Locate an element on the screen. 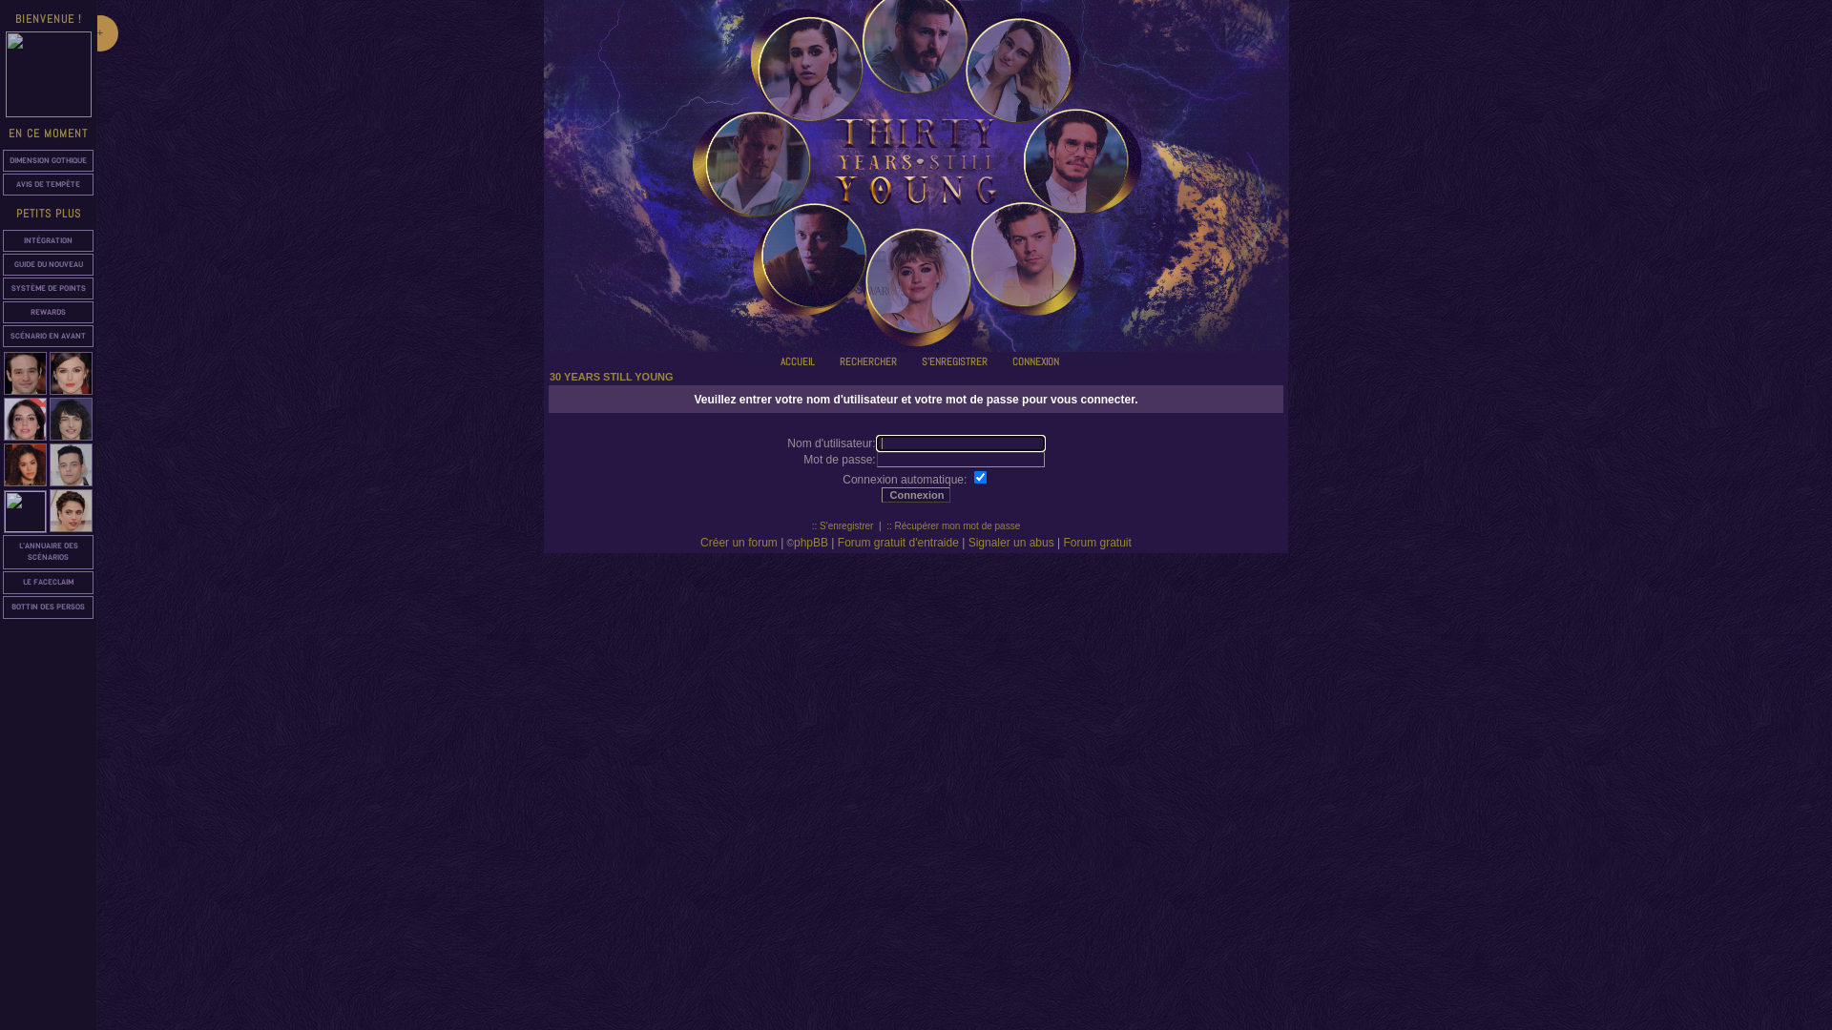 This screenshot has height=1030, width=1832. 'Accueil' is located at coordinates (772, 359).